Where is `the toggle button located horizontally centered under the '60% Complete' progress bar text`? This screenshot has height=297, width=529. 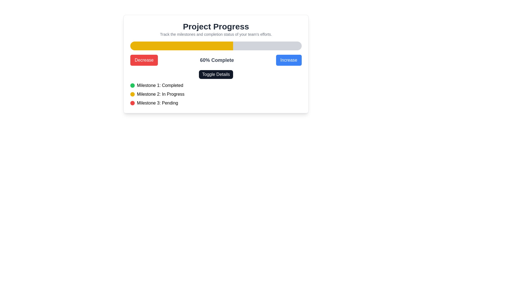 the toggle button located horizontally centered under the '60% Complete' progress bar text is located at coordinates (215, 74).